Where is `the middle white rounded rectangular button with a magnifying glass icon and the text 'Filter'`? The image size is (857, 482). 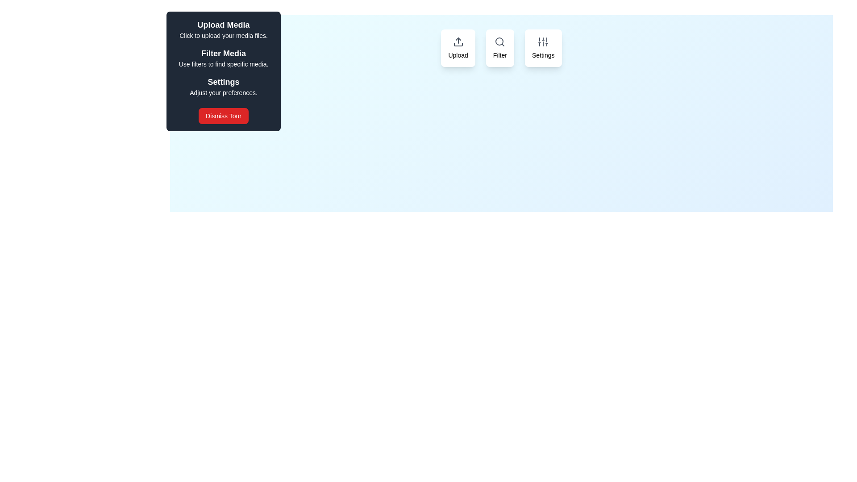
the middle white rounded rectangular button with a magnifying glass icon and the text 'Filter' is located at coordinates (500, 48).